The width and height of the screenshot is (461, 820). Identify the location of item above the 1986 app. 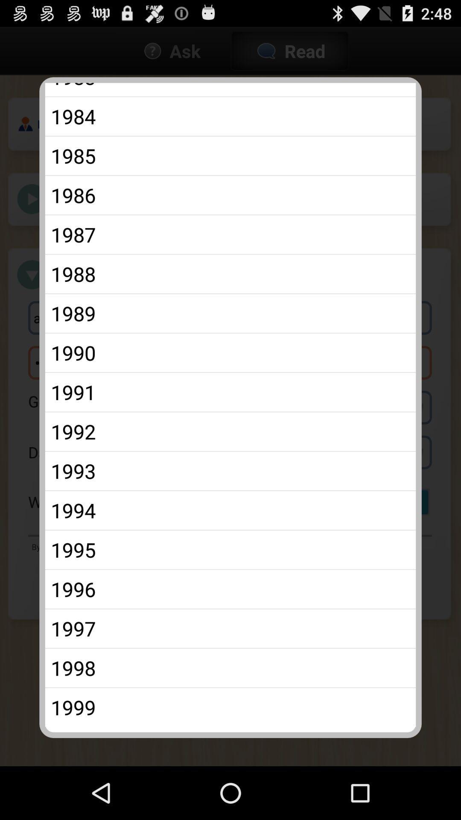
(230, 155).